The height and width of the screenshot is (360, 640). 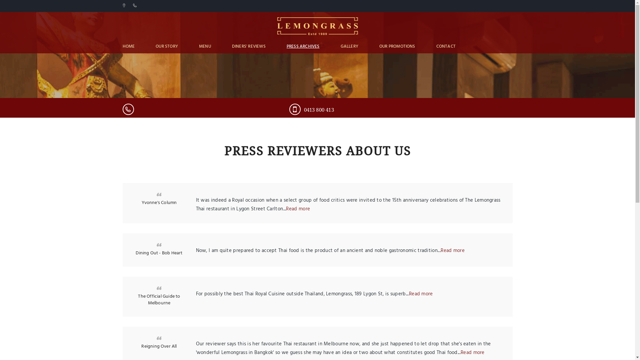 I want to click on 'Read more', so click(x=420, y=294).